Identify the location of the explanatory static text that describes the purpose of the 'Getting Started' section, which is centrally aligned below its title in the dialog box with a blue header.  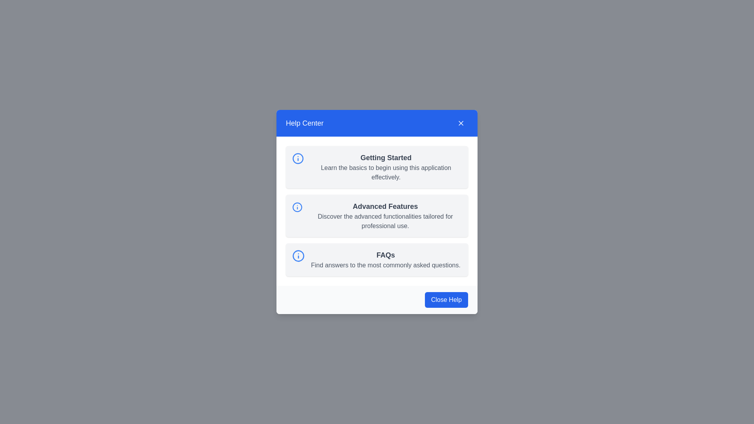
(386, 172).